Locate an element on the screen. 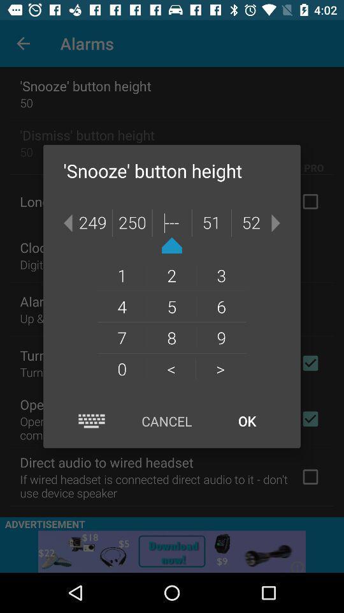 The height and width of the screenshot is (613, 344). the icon next to the 7 item is located at coordinates (171, 368).